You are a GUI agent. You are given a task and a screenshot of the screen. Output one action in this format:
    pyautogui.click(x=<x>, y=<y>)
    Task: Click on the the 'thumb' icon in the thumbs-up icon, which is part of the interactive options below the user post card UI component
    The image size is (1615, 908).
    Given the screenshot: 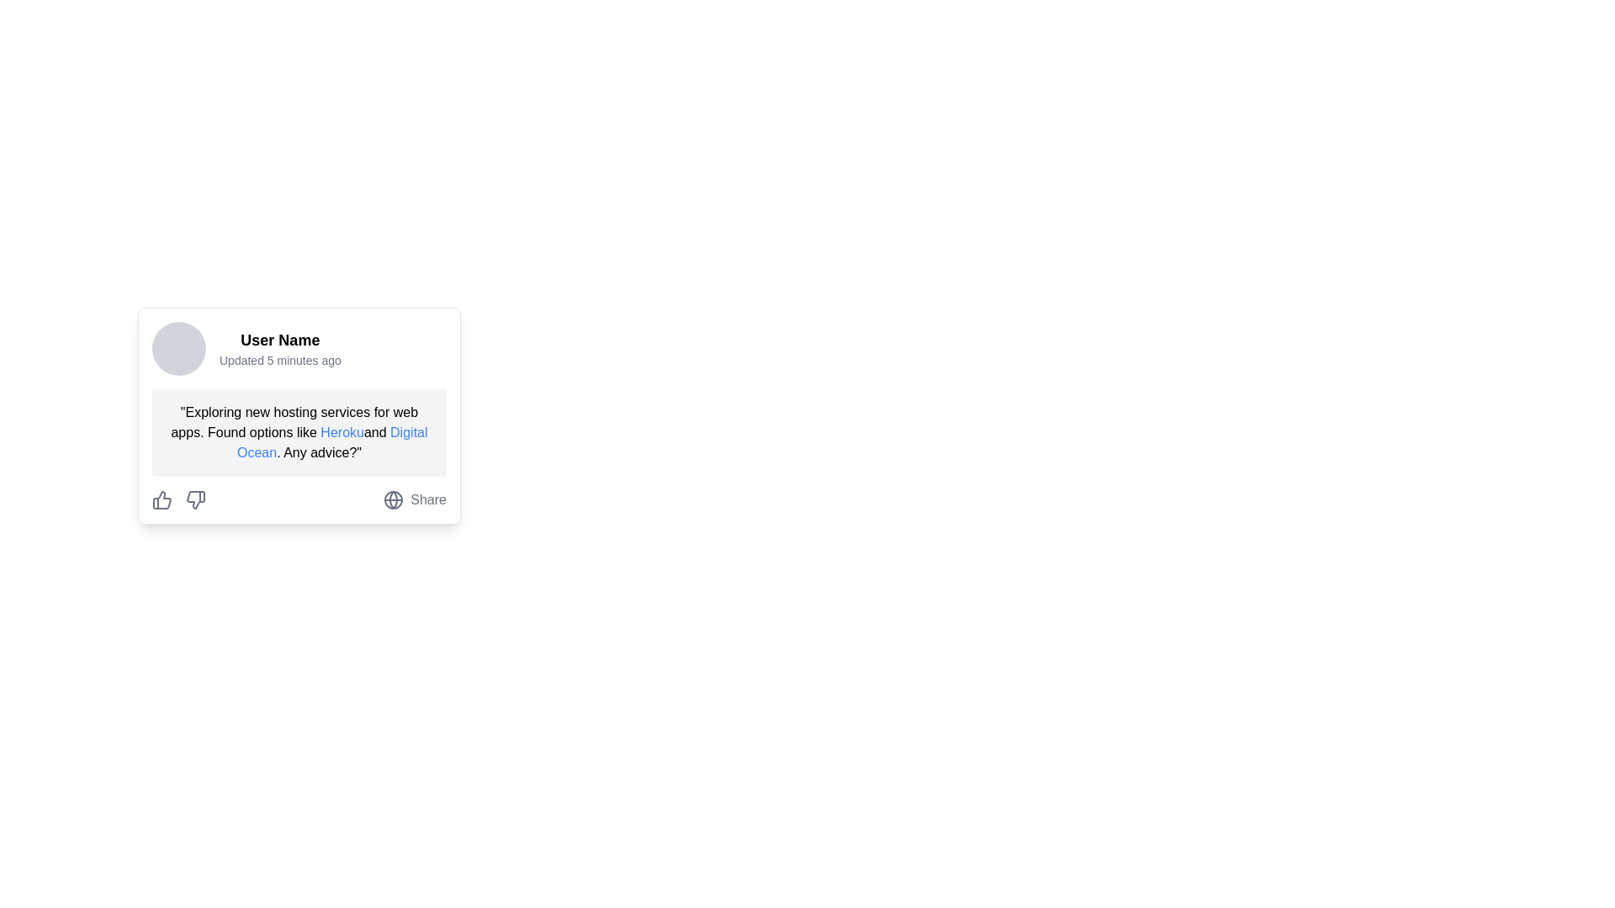 What is the action you would take?
    pyautogui.click(x=161, y=499)
    